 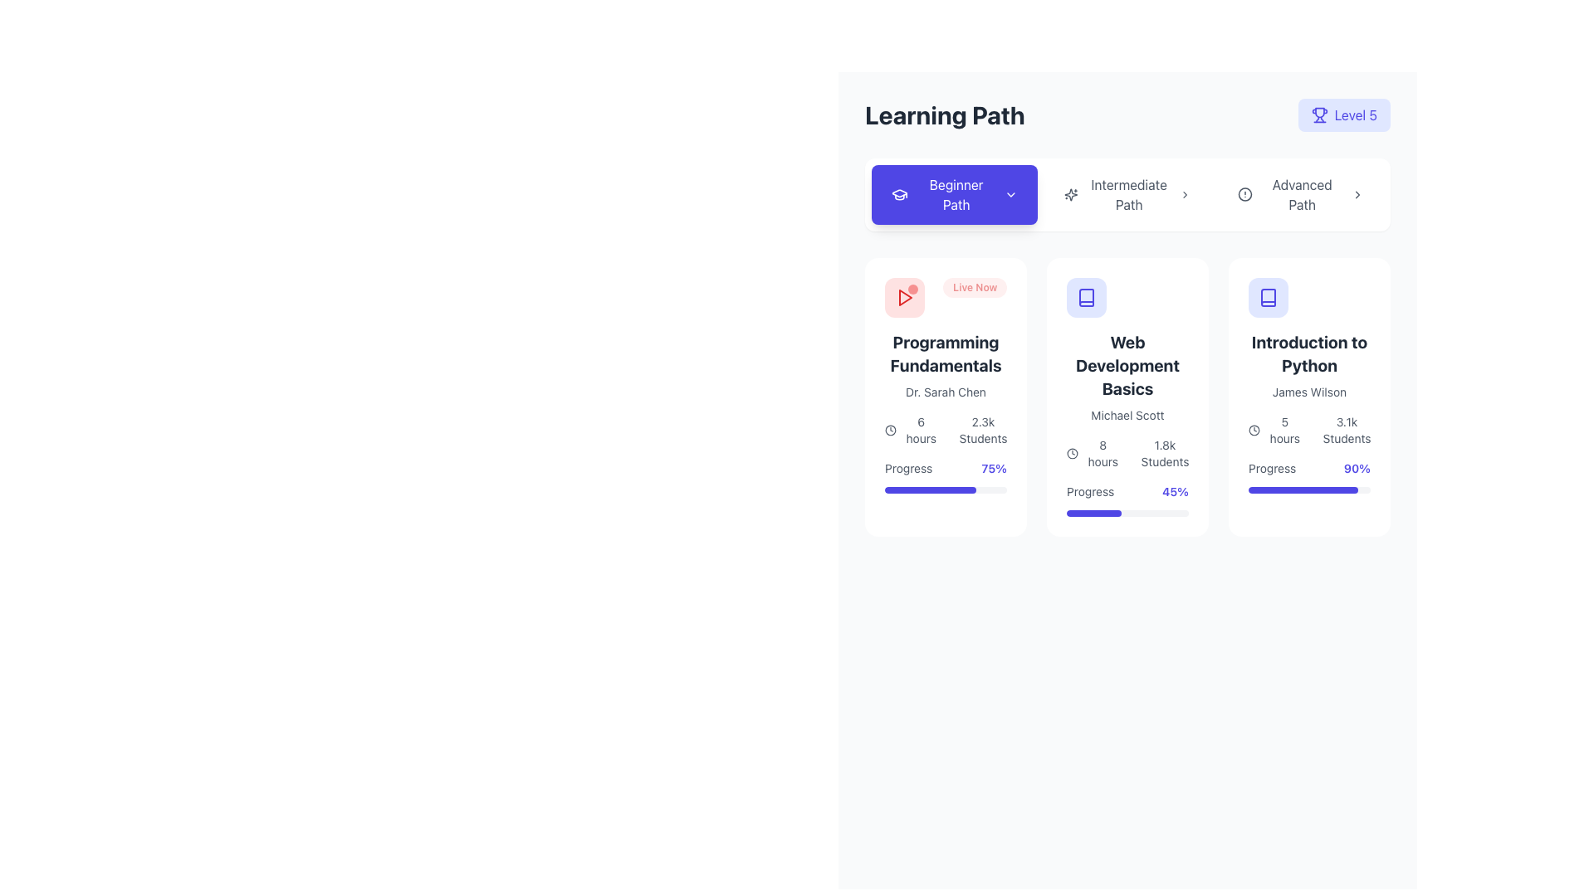 I want to click on the clock icon indicating a '6-hour' duration for the 'Programming Fundamentals' course located in the bottom left corner of the card-like UI element, so click(x=890, y=430).